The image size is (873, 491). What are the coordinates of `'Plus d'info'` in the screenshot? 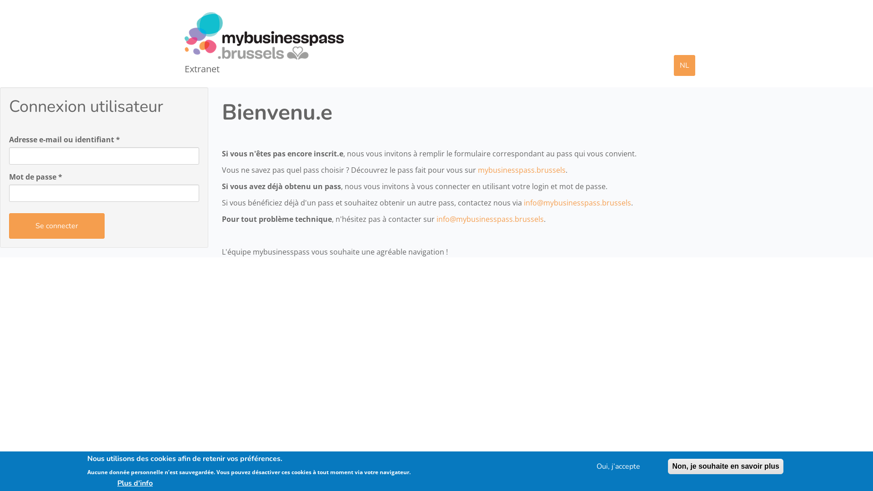 It's located at (87, 482).